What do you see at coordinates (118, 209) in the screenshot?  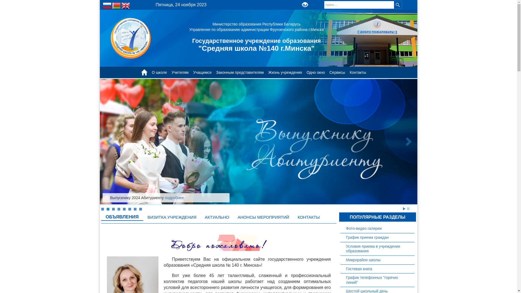 I see `'4'` at bounding box center [118, 209].